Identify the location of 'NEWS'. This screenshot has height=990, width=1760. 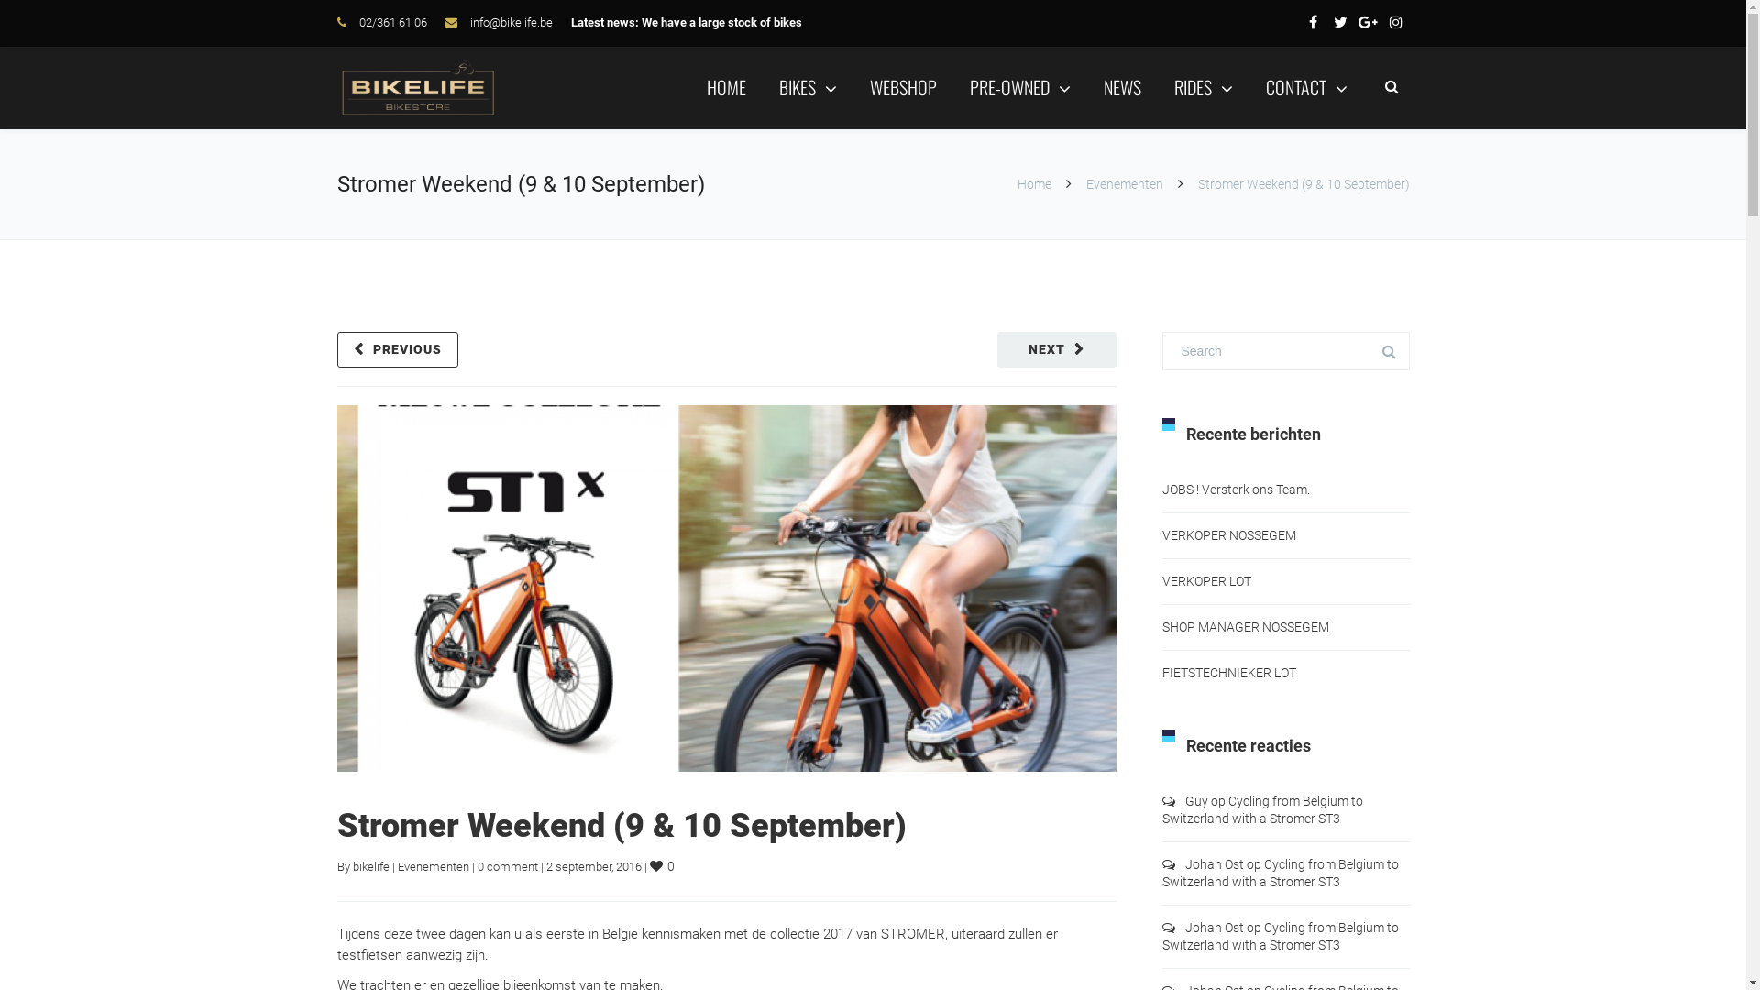
(1121, 87).